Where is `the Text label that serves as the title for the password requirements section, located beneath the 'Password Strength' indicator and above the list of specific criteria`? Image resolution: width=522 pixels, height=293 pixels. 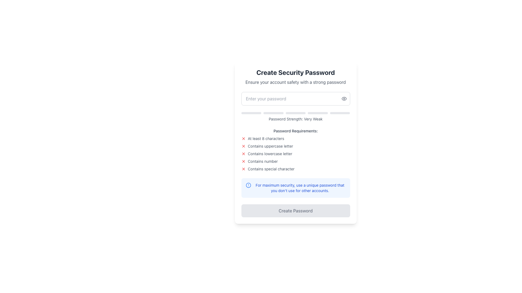
the Text label that serves as the title for the password requirements section, located beneath the 'Password Strength' indicator and above the list of specific criteria is located at coordinates (295, 131).